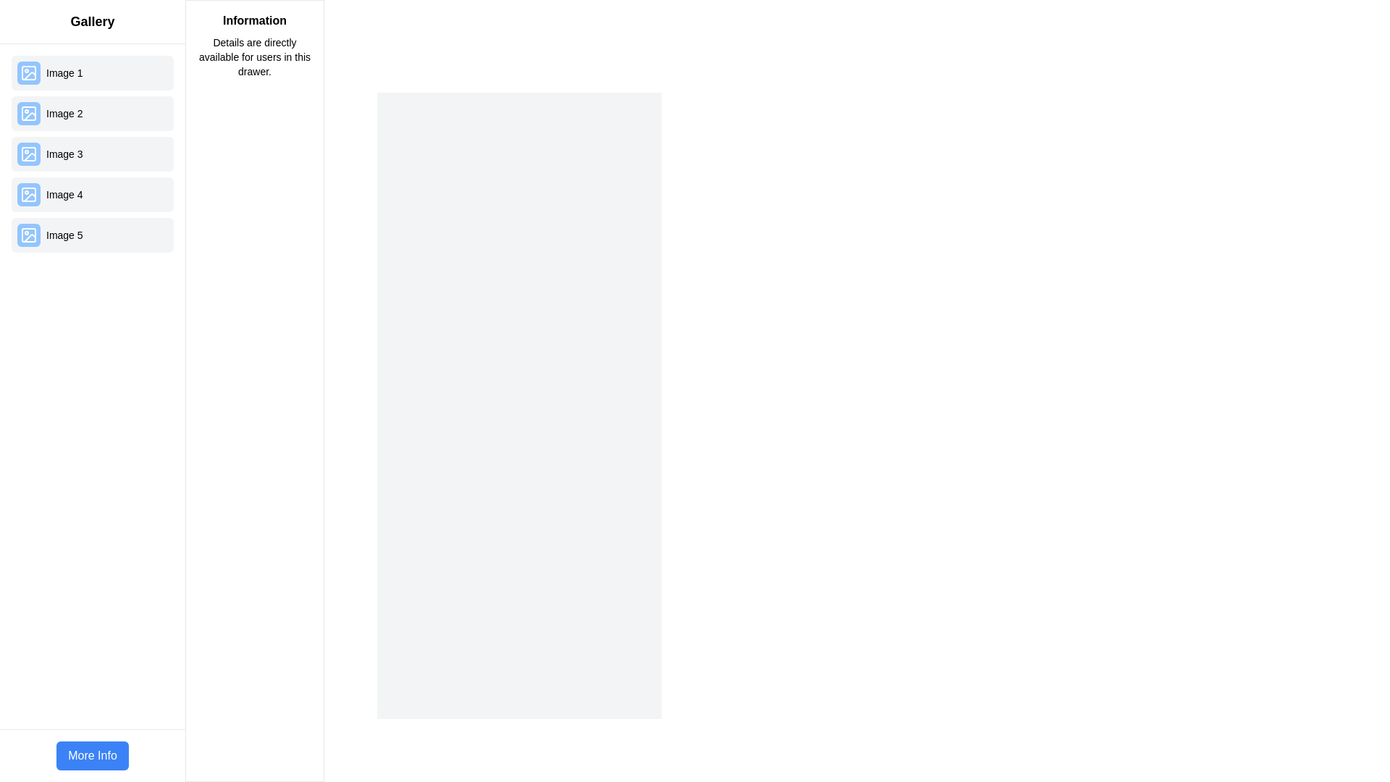 Image resolution: width=1390 pixels, height=782 pixels. What do you see at coordinates (64, 72) in the screenshot?
I see `text from the descriptive Text Label that identifies the first item in the list within the 'Gallery' section, positioned in the top-left quadrant of the interface` at bounding box center [64, 72].